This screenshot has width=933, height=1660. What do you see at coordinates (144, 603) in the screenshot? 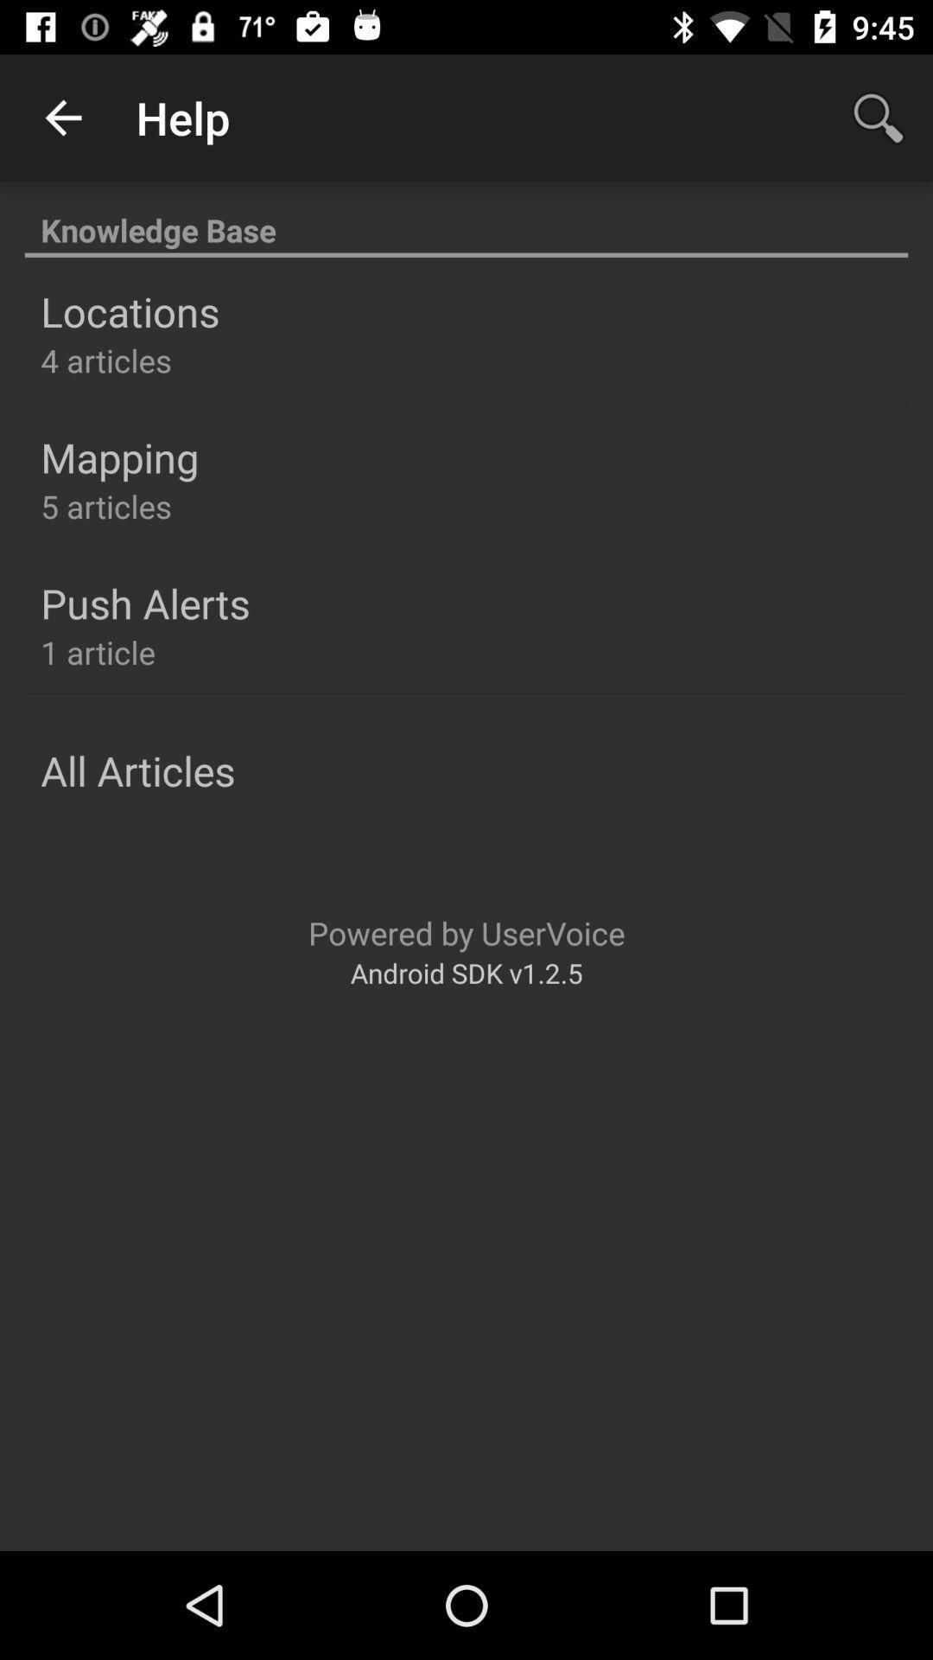
I see `push alerts icon` at bounding box center [144, 603].